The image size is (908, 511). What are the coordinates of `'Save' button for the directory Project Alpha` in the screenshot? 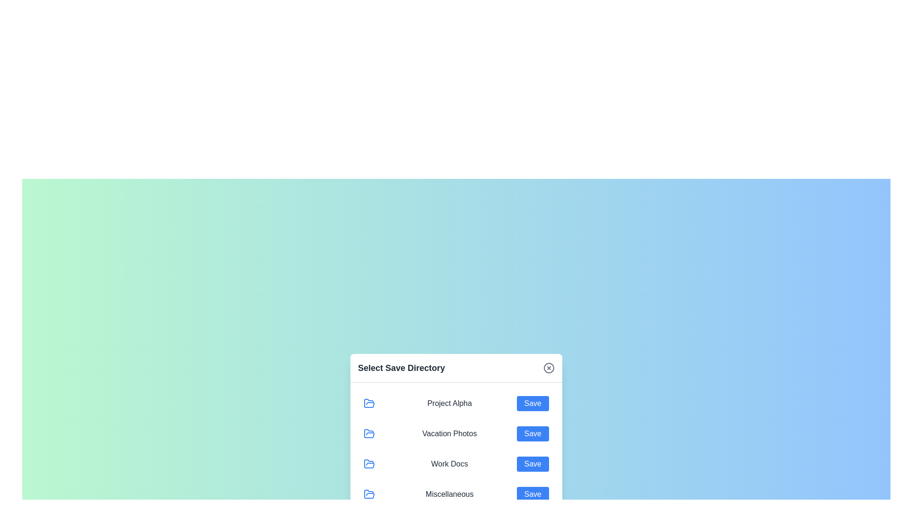 It's located at (533, 403).